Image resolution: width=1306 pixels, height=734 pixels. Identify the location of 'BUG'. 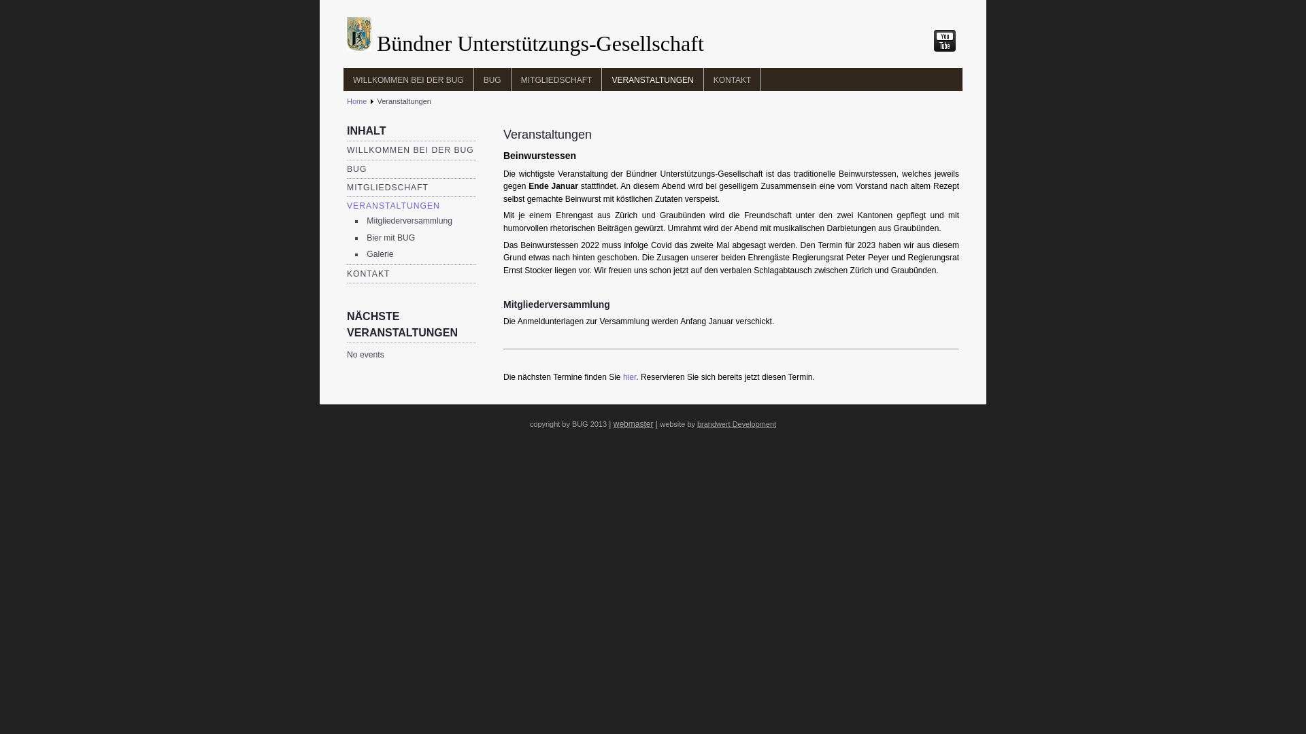
(356, 169).